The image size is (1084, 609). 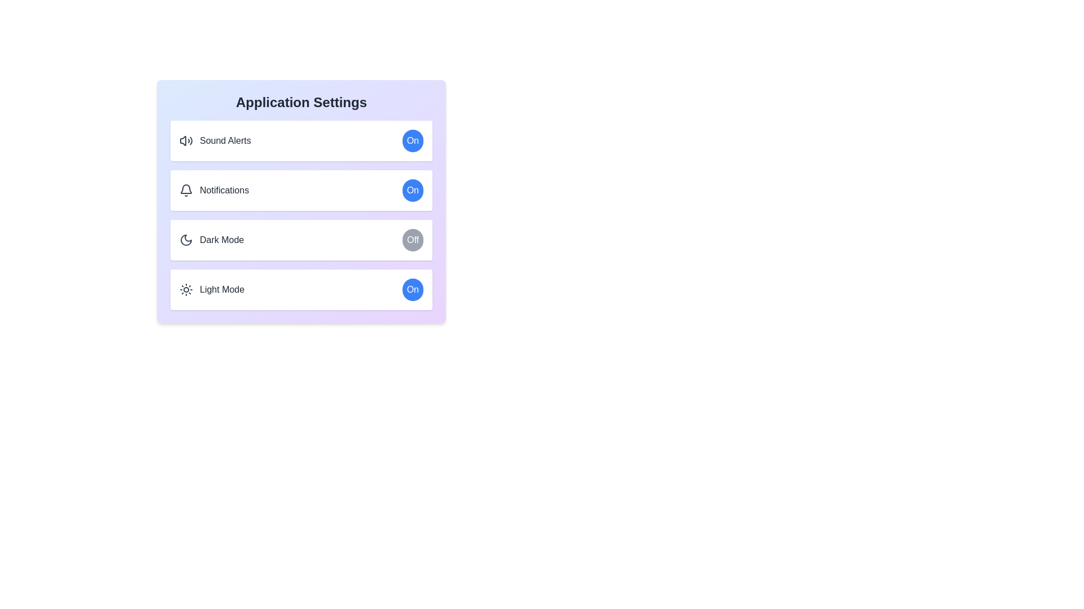 What do you see at coordinates (412, 289) in the screenshot?
I see `the rounded blue button labeled 'On' located at the far right of the 'Light Mode' row in the stacked settings menu for tooltip or visual feedback` at bounding box center [412, 289].